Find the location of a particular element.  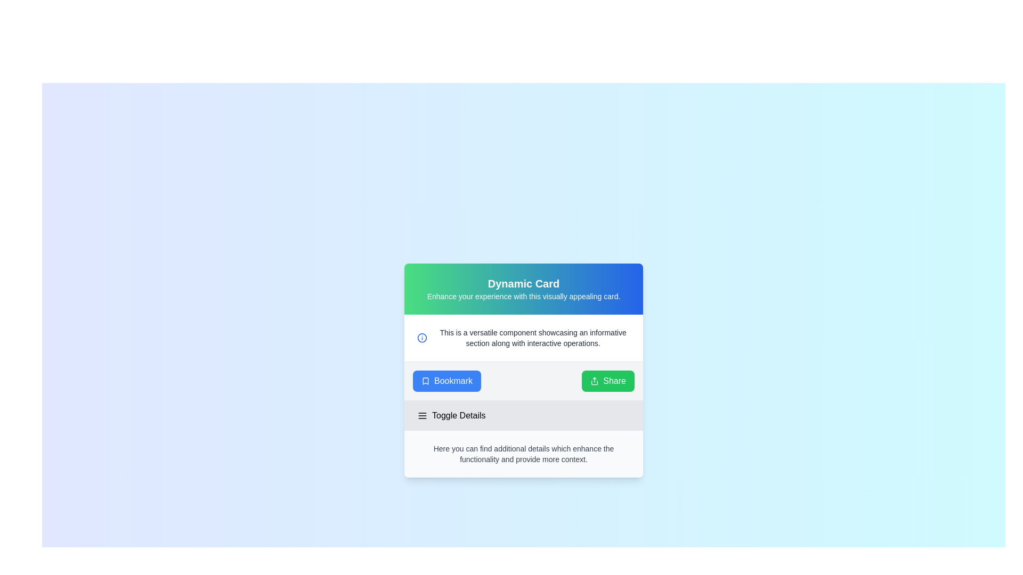

the Toggleable Section located at the bottom of the 'Dynamic Card', positioned below the 'Bookmark' and 'Share' buttons is located at coordinates (524, 439).